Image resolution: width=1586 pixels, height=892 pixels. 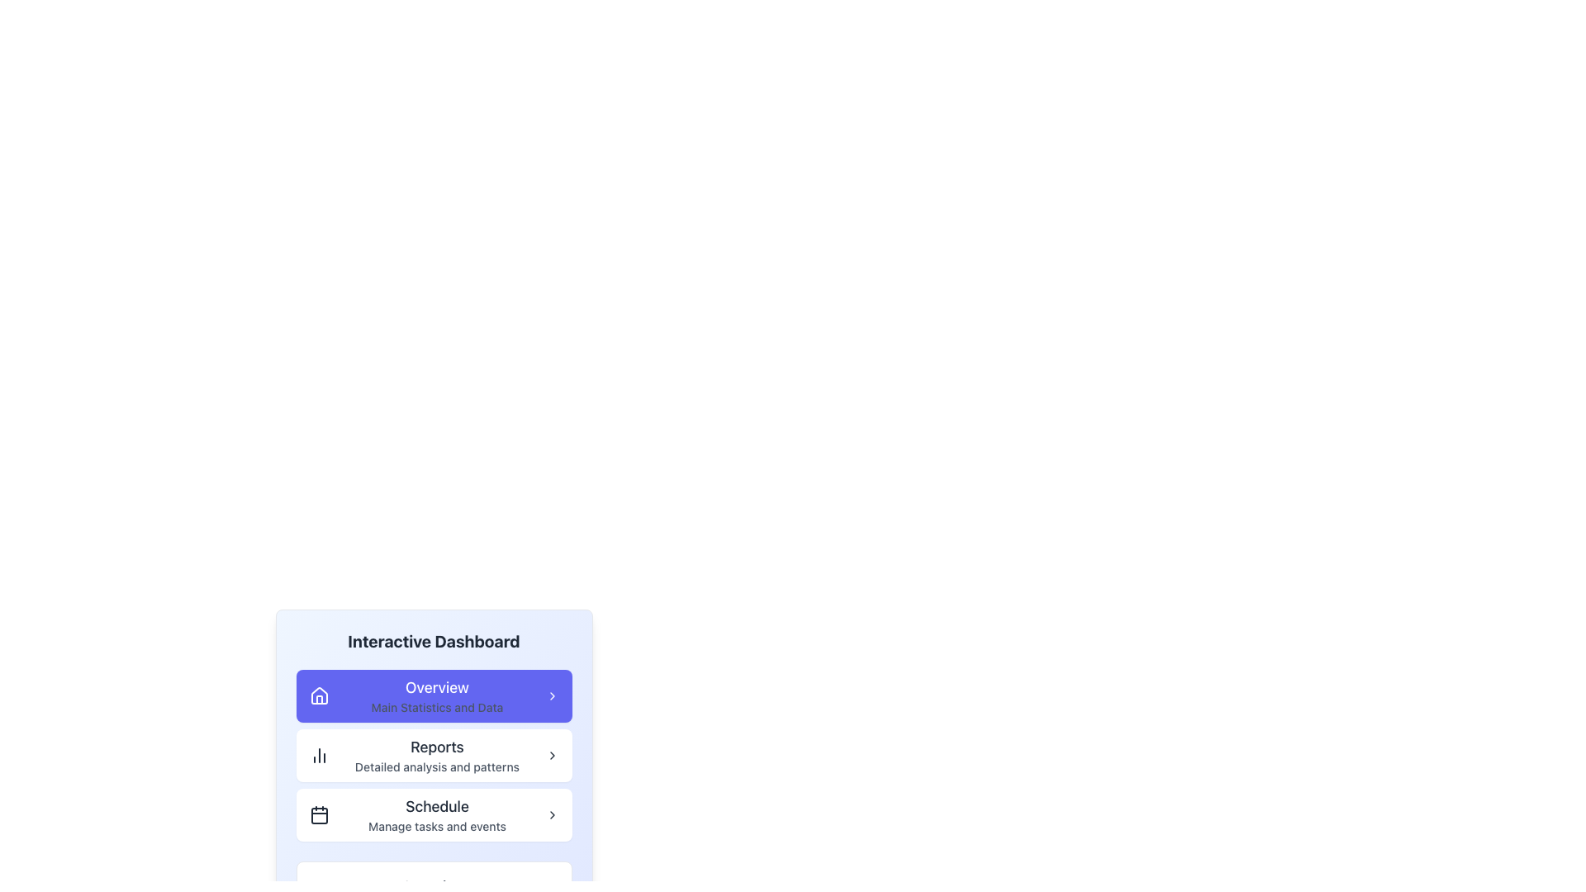 What do you see at coordinates (434, 755) in the screenshot?
I see `the 'Reports' button` at bounding box center [434, 755].